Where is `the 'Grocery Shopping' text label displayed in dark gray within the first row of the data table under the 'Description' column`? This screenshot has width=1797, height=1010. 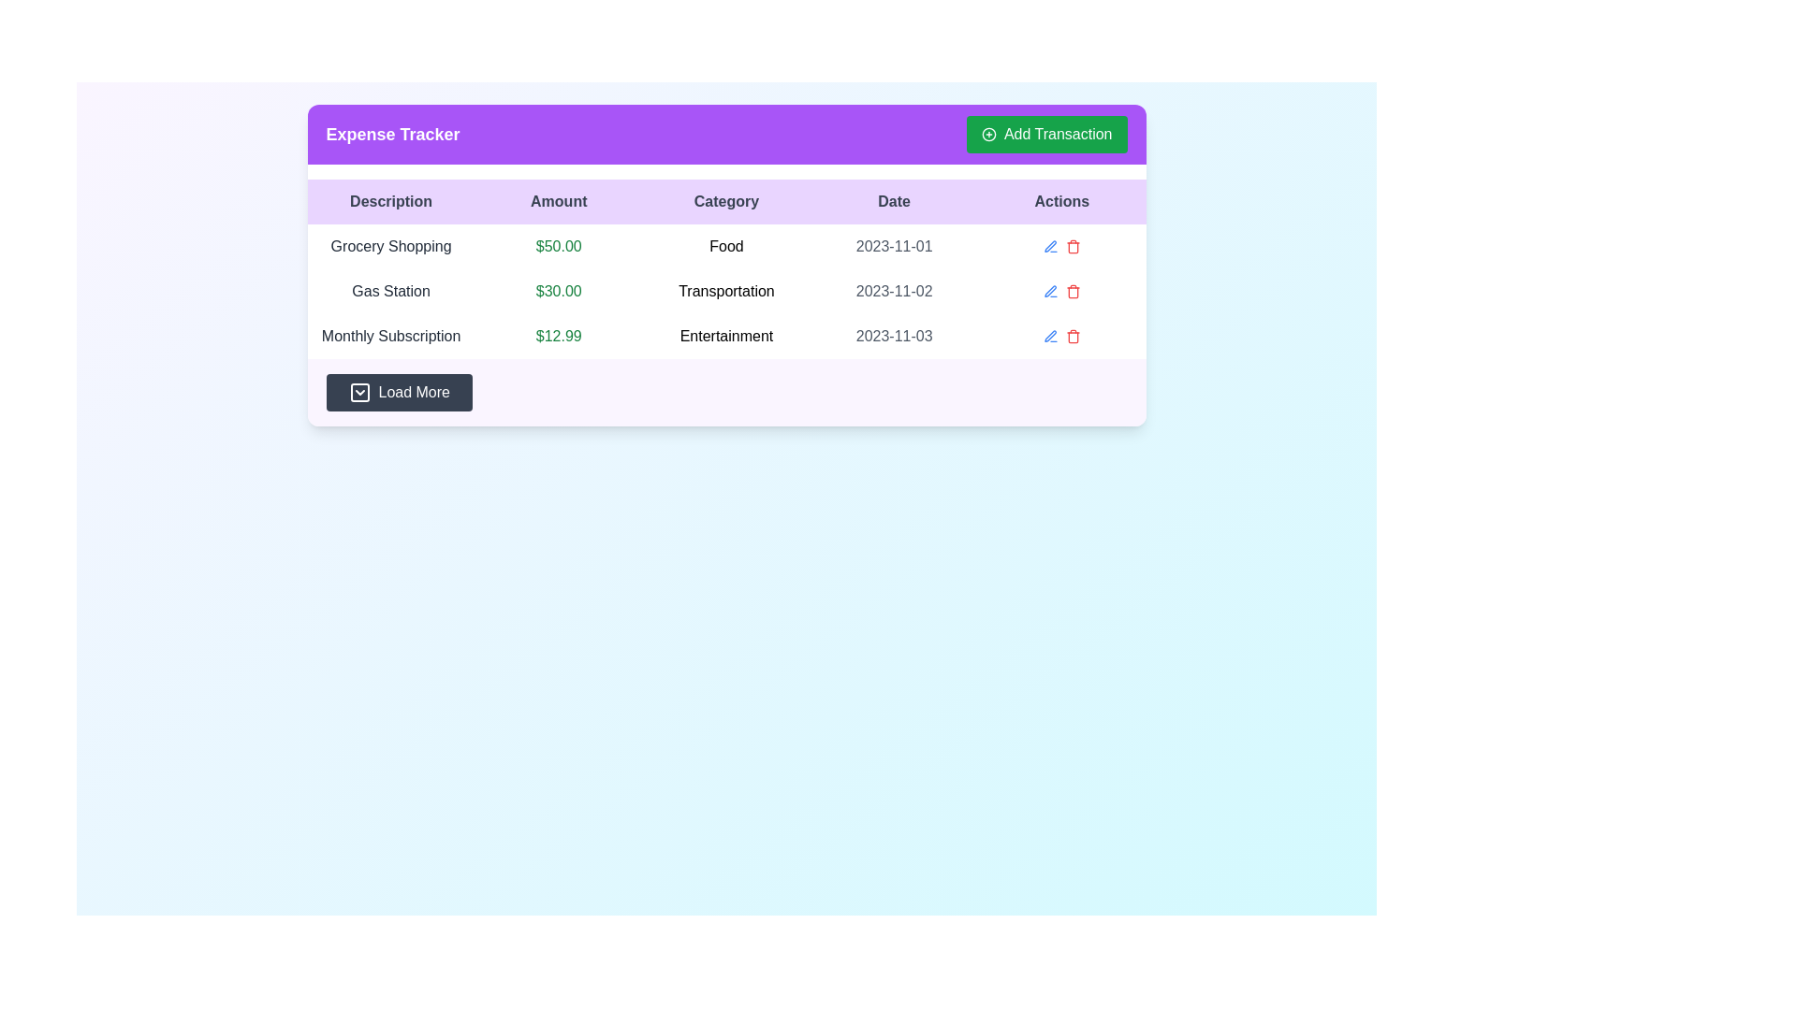 the 'Grocery Shopping' text label displayed in dark gray within the first row of the data table under the 'Description' column is located at coordinates (390, 245).